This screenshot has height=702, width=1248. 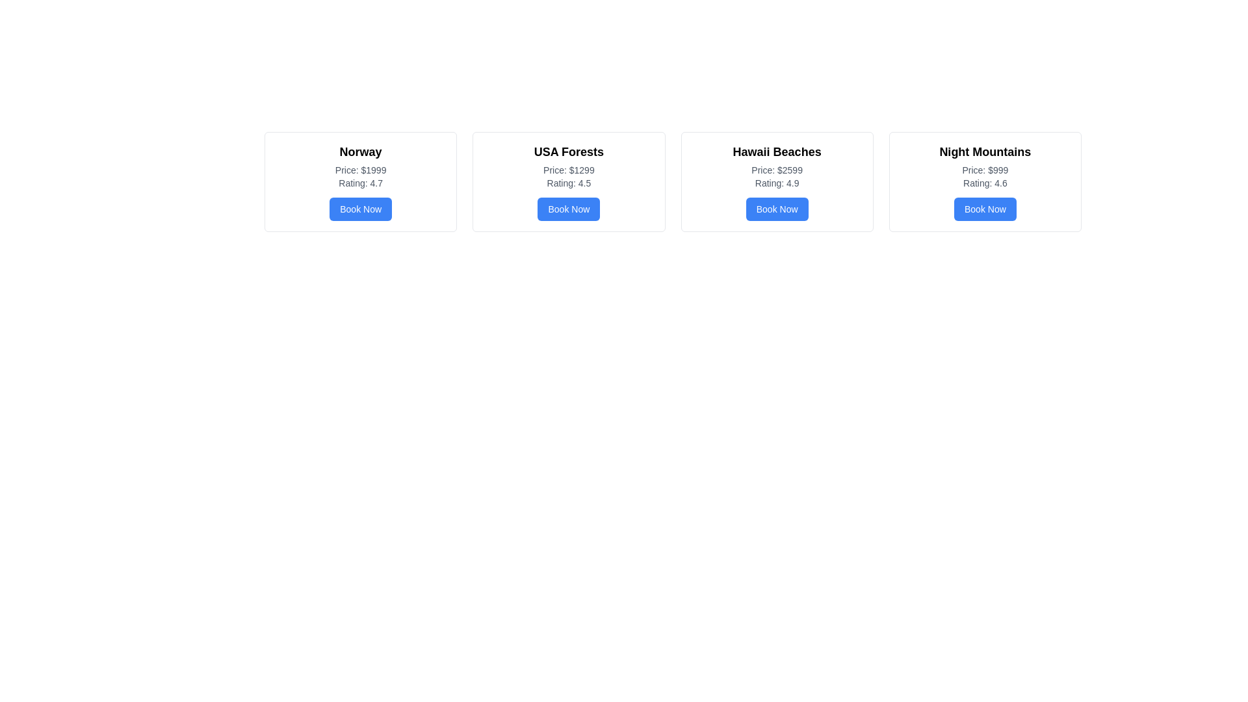 I want to click on the average rating text for the trip package, so click(x=361, y=183).